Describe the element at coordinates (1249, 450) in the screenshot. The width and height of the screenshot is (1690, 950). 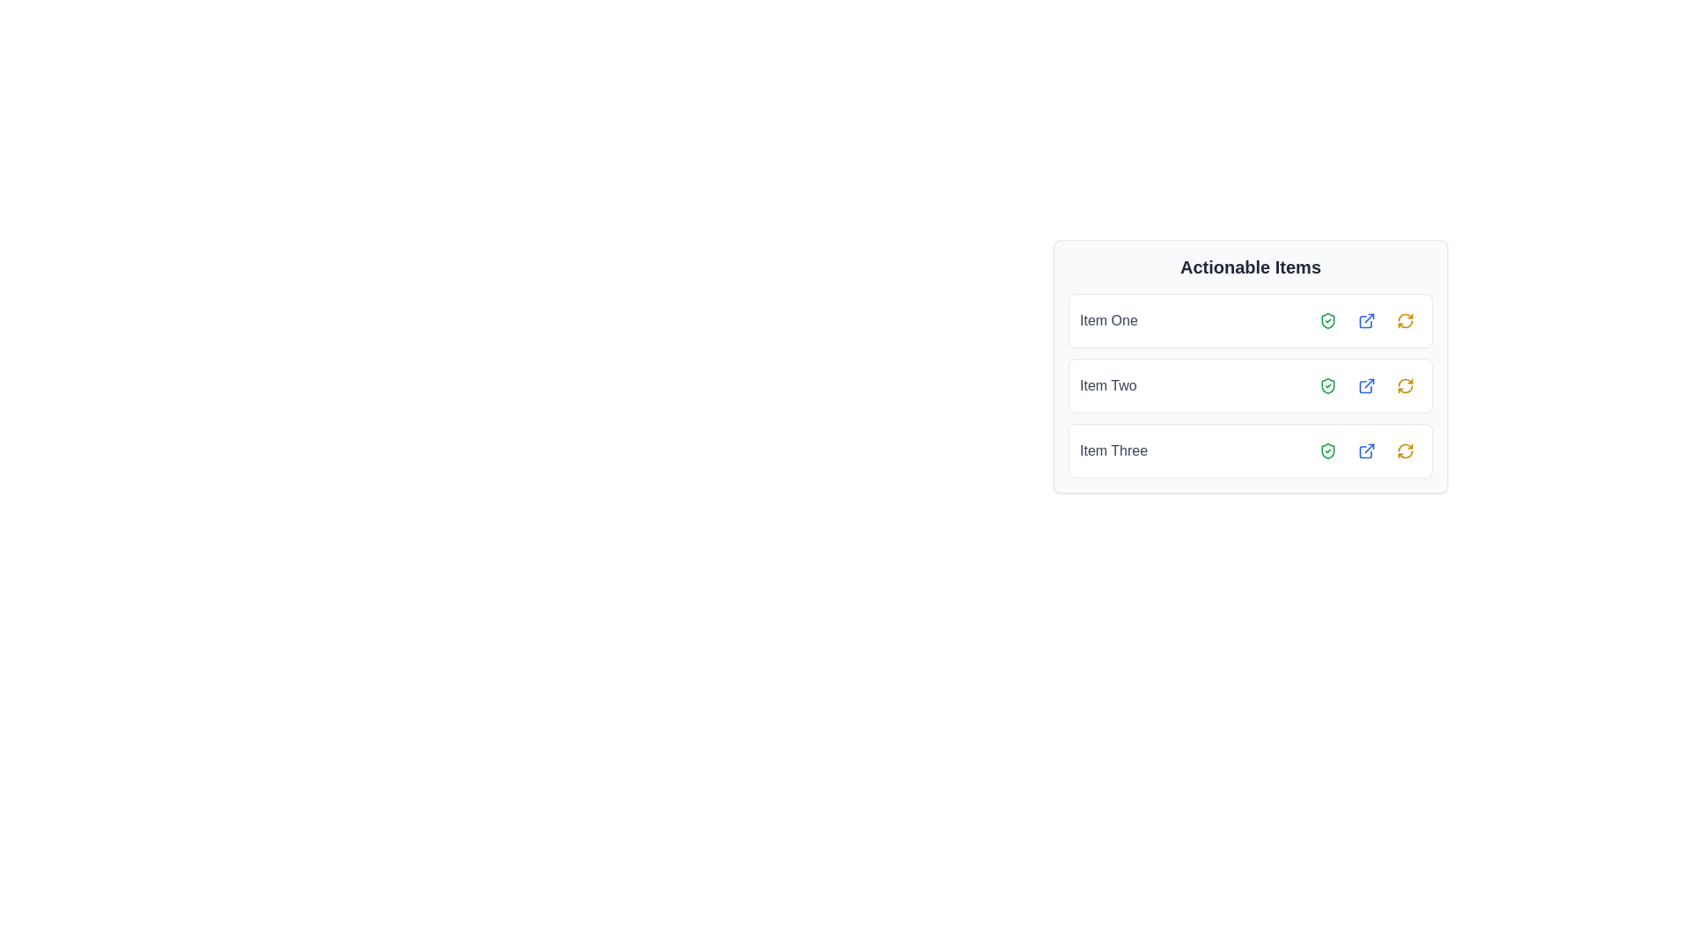
I see `the icons on the List Item labeled 'Item Three', which is the third item in the 'Actionable Items' list` at that location.